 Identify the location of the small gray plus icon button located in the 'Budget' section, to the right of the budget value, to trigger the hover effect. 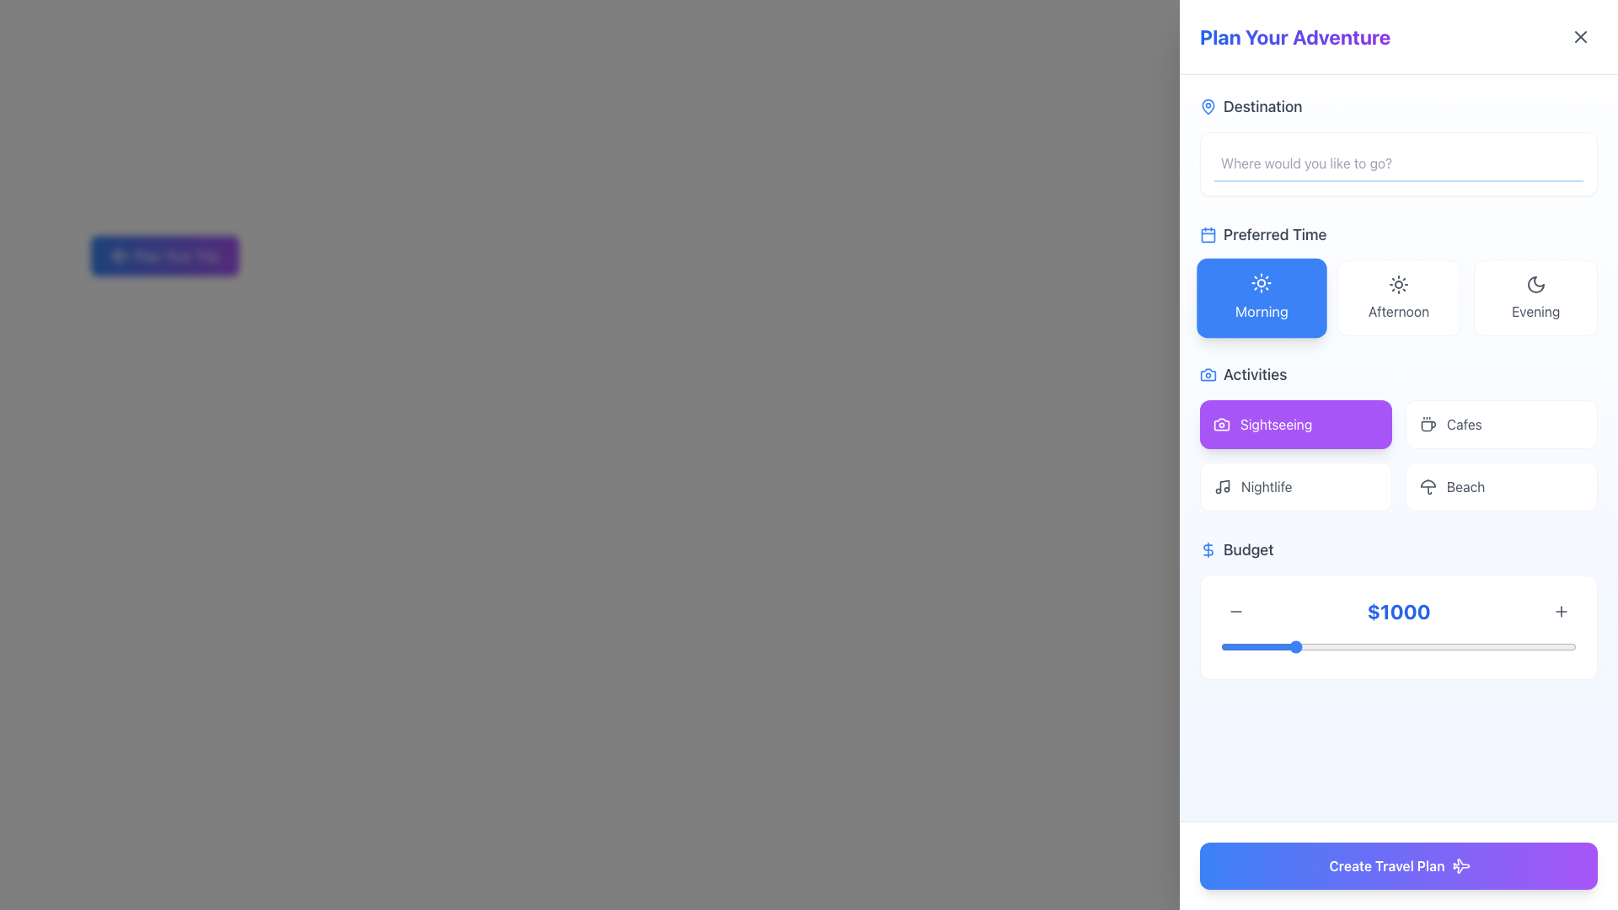
(1560, 611).